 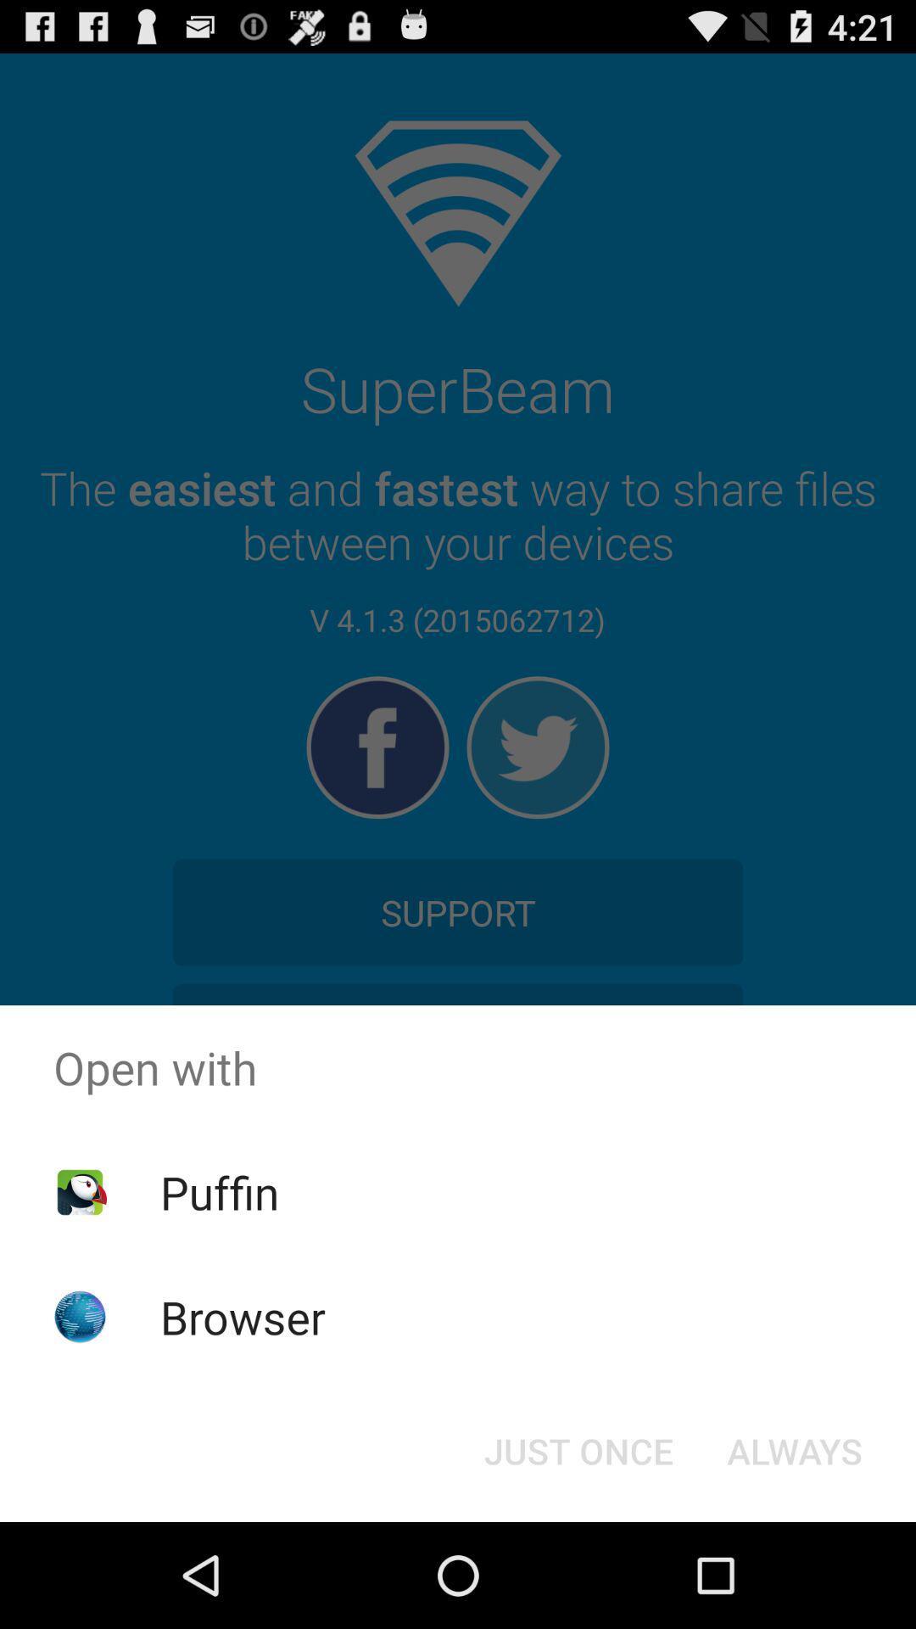 What do you see at coordinates (795, 1449) in the screenshot?
I see `the item next to just once item` at bounding box center [795, 1449].